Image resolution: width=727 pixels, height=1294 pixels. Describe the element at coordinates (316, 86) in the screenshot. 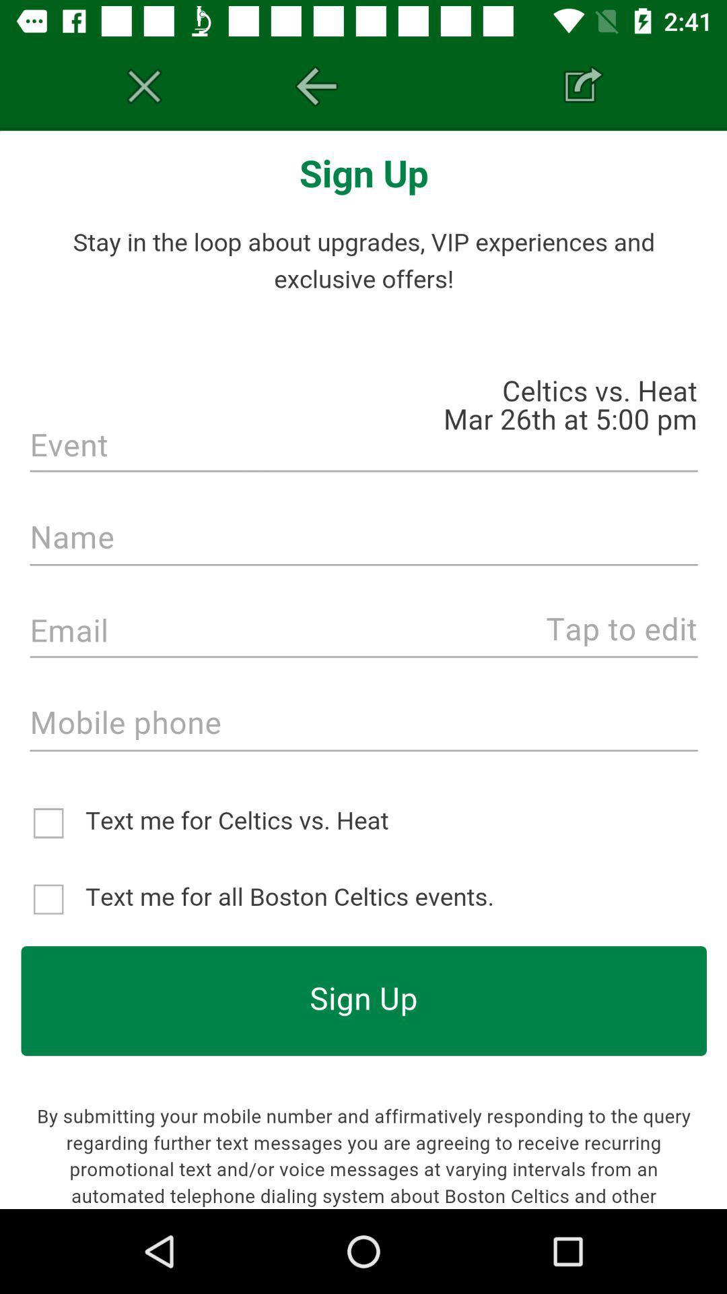

I see `back button` at that location.